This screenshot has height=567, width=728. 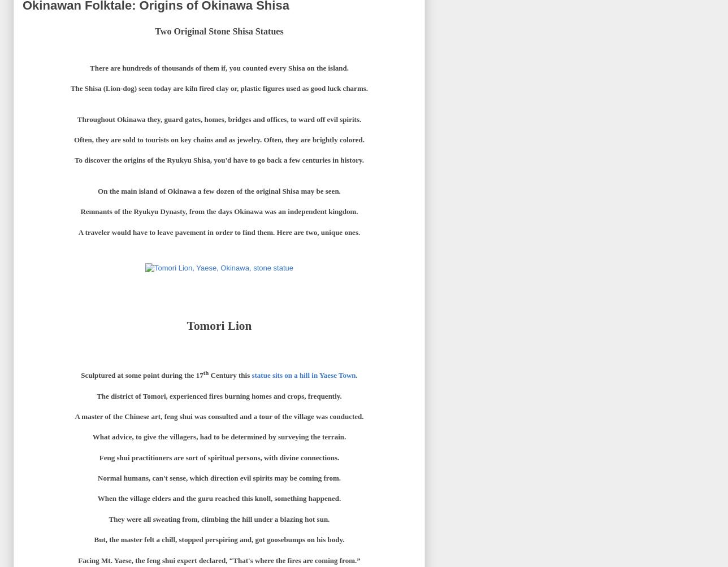 I want to click on 'Throughout Okinawa they, guard gates, homes, bridges and offices, to ward off evil spirits.', so click(x=77, y=118).